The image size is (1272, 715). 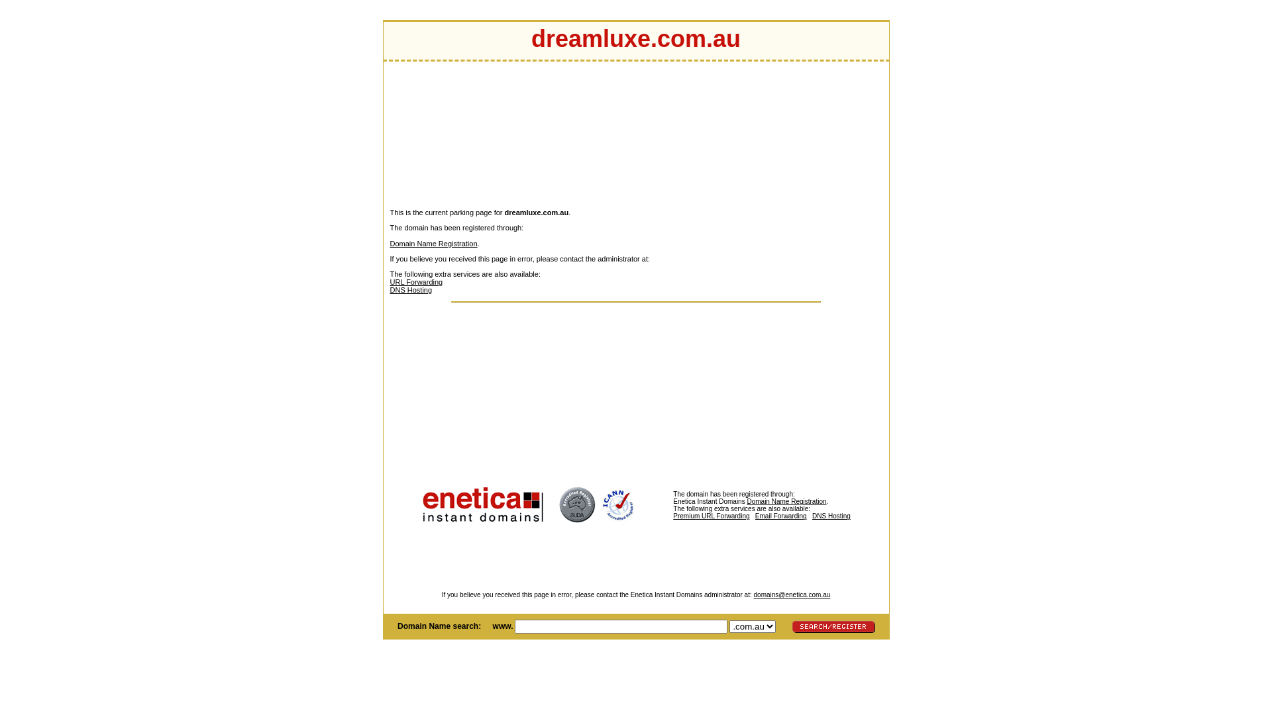 What do you see at coordinates (415, 281) in the screenshot?
I see `'URL Forwarding'` at bounding box center [415, 281].